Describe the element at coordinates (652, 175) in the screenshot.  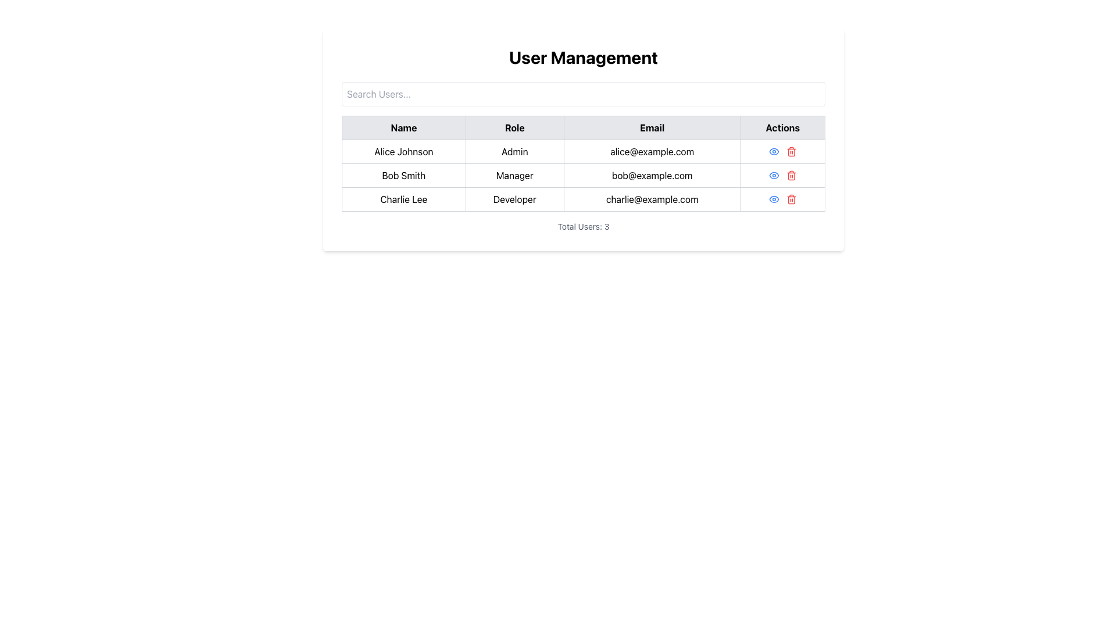
I see `text content of the email address displayed in the second row under the 'Email' column, specifically the text label showing 'bob@example.com'` at that location.